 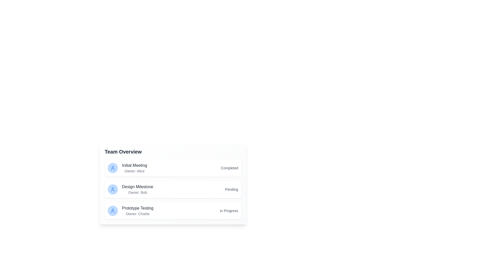 What do you see at coordinates (134, 168) in the screenshot?
I see `content displayed in the Text block that shows meeting information, positioned to the right of an avatar icon and adjacent to a 'Completed' status label` at bounding box center [134, 168].